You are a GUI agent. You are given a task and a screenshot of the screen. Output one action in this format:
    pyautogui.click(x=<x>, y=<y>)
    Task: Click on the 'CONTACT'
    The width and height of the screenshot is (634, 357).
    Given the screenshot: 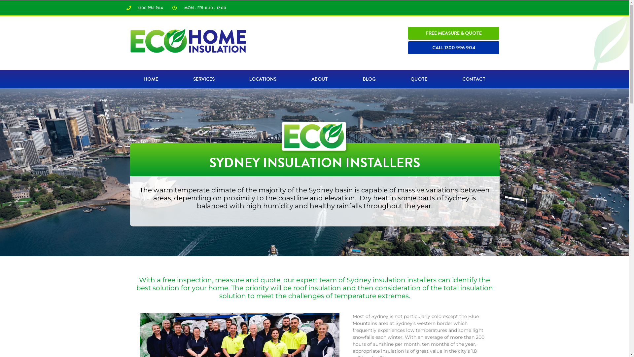 What is the action you would take?
    pyautogui.click(x=474, y=79)
    